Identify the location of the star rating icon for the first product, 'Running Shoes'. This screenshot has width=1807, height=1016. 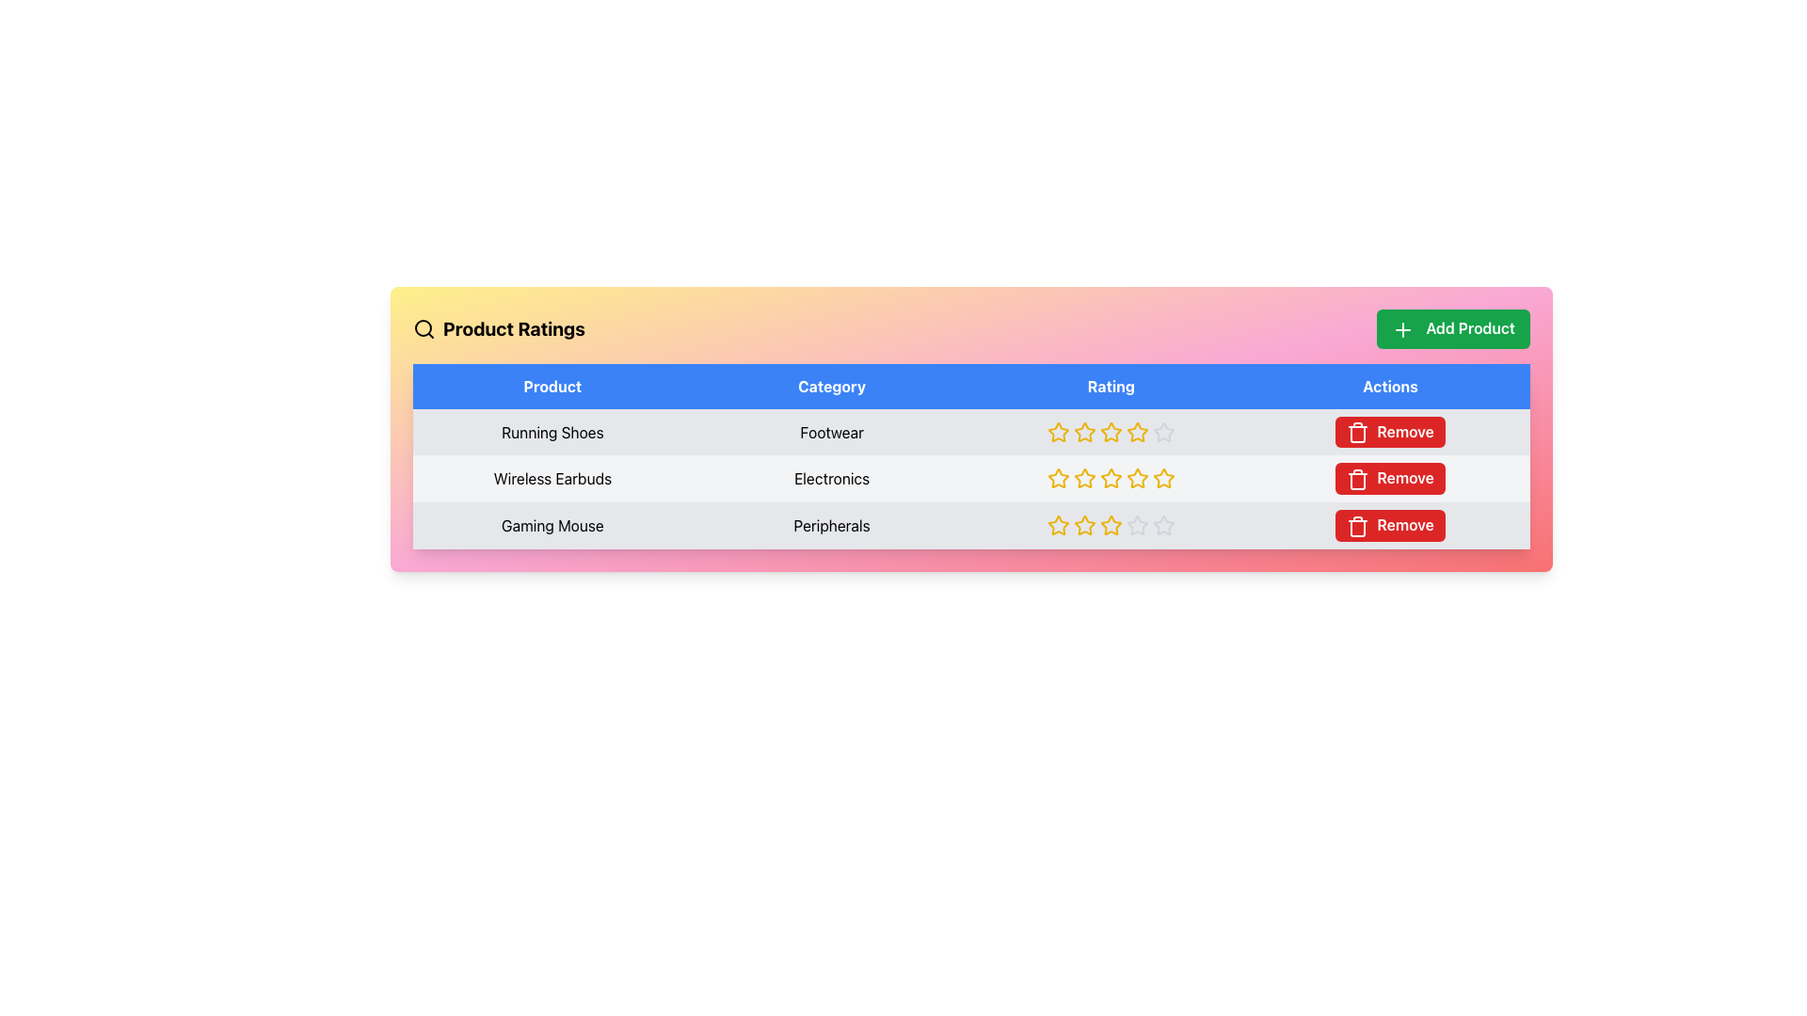
(1058, 432).